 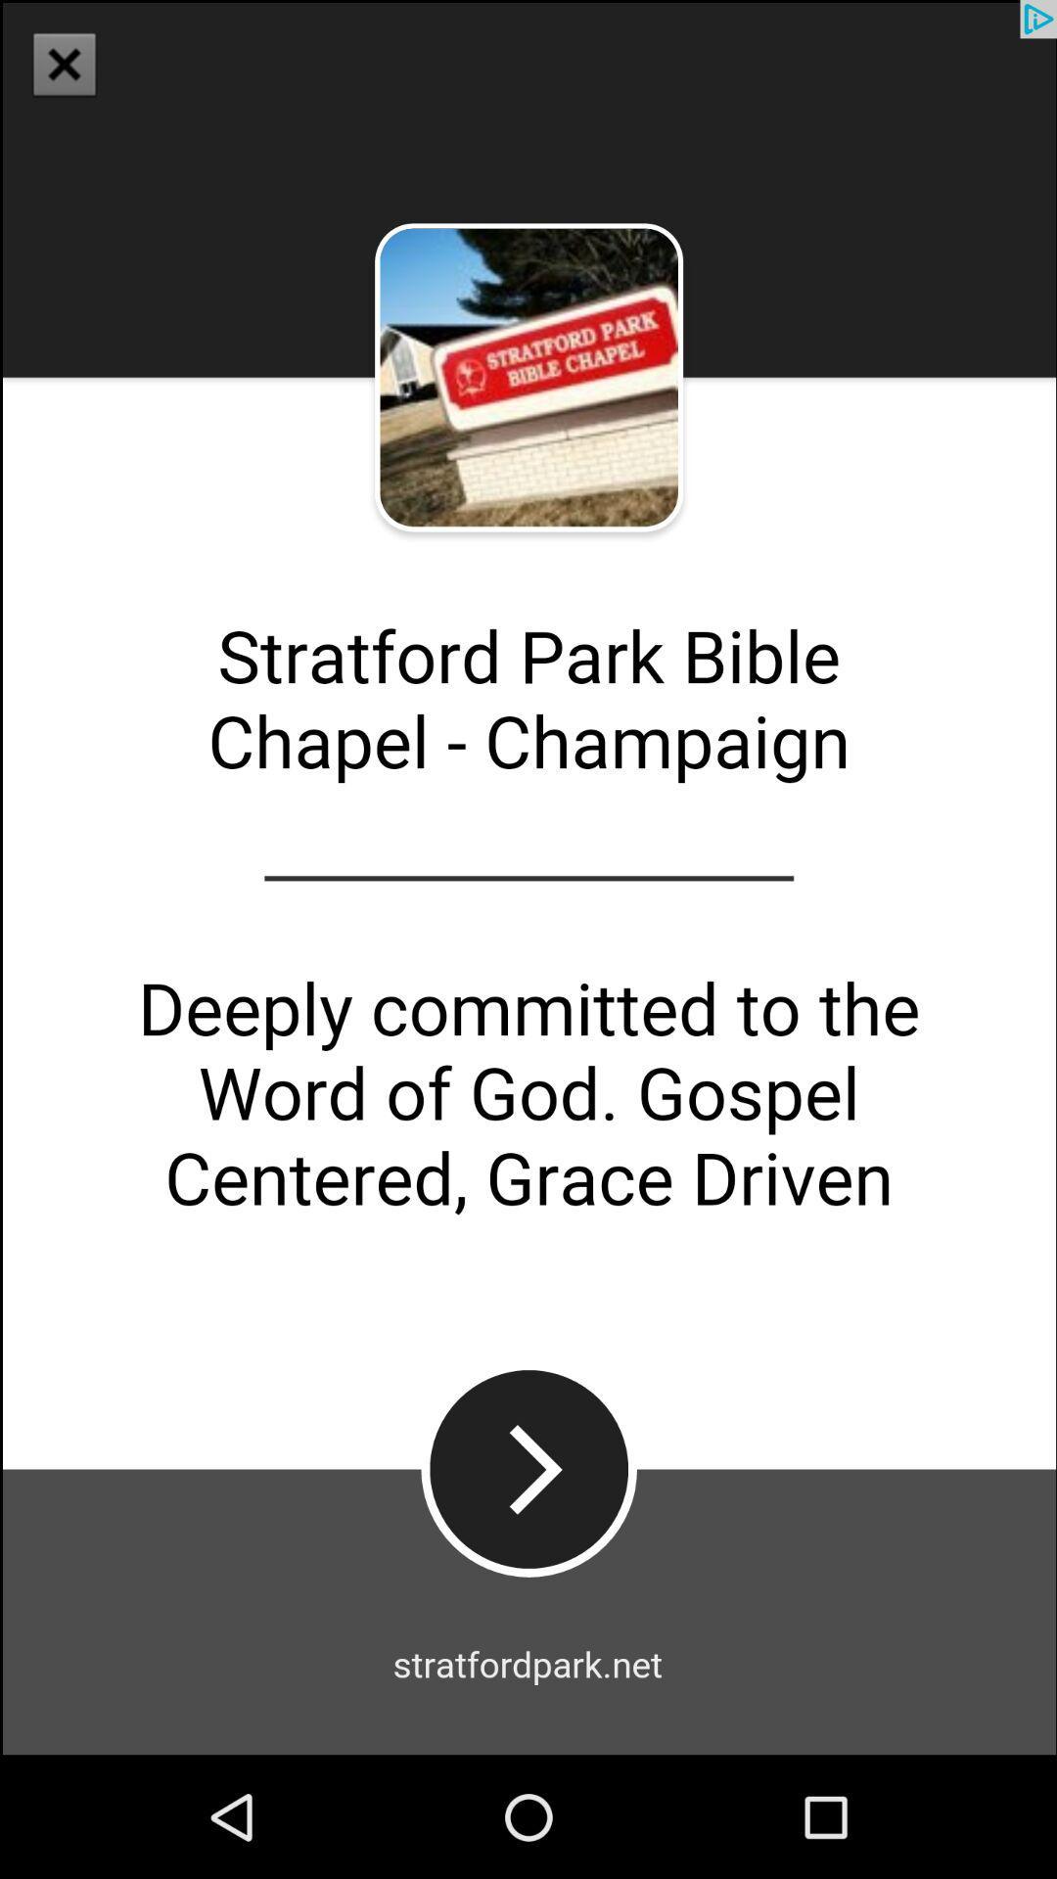 What do you see at coordinates (63, 69) in the screenshot?
I see `the close icon` at bounding box center [63, 69].